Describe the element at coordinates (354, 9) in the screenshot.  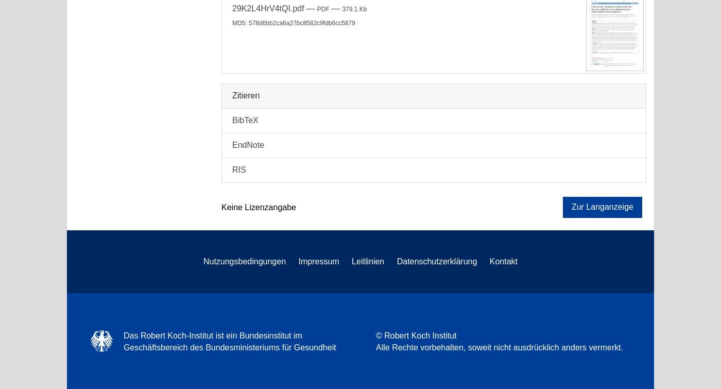
I see `'379.1 Kb'` at that location.